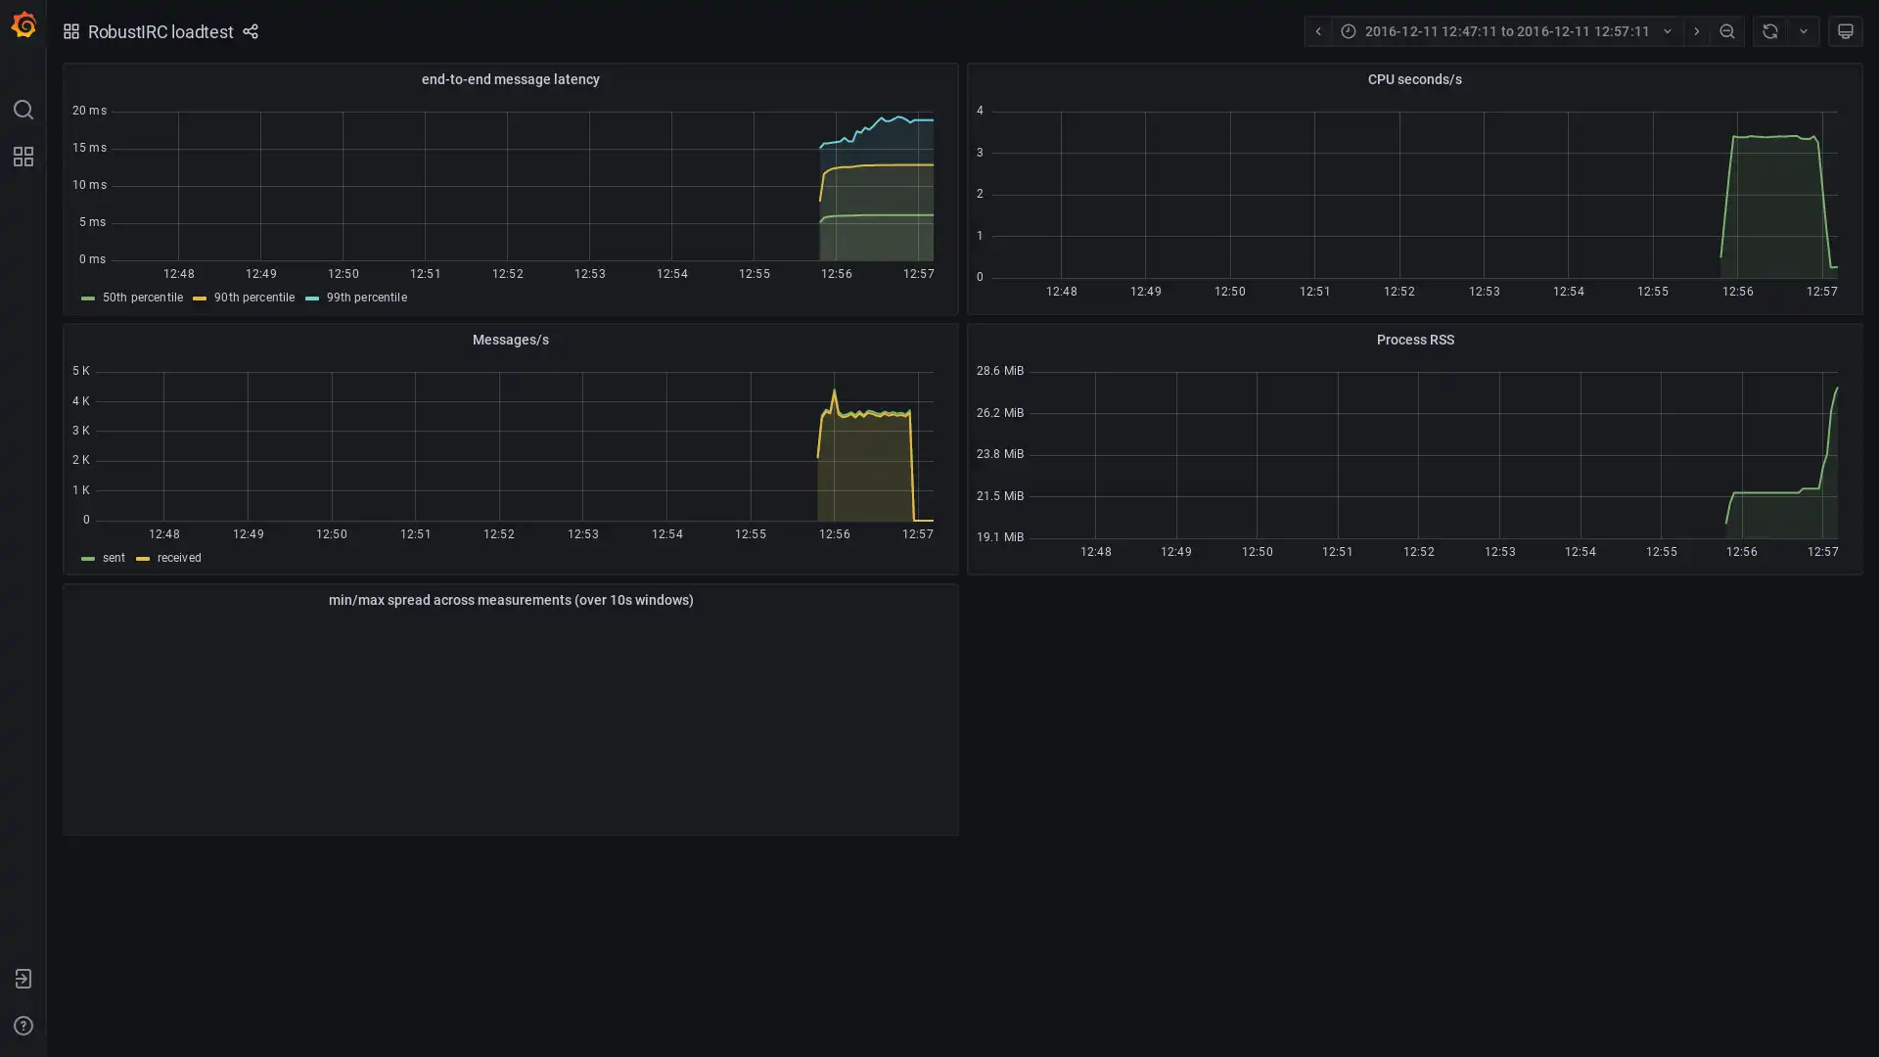  Describe the element at coordinates (1845, 30) in the screenshot. I see `Cycle view mode` at that location.